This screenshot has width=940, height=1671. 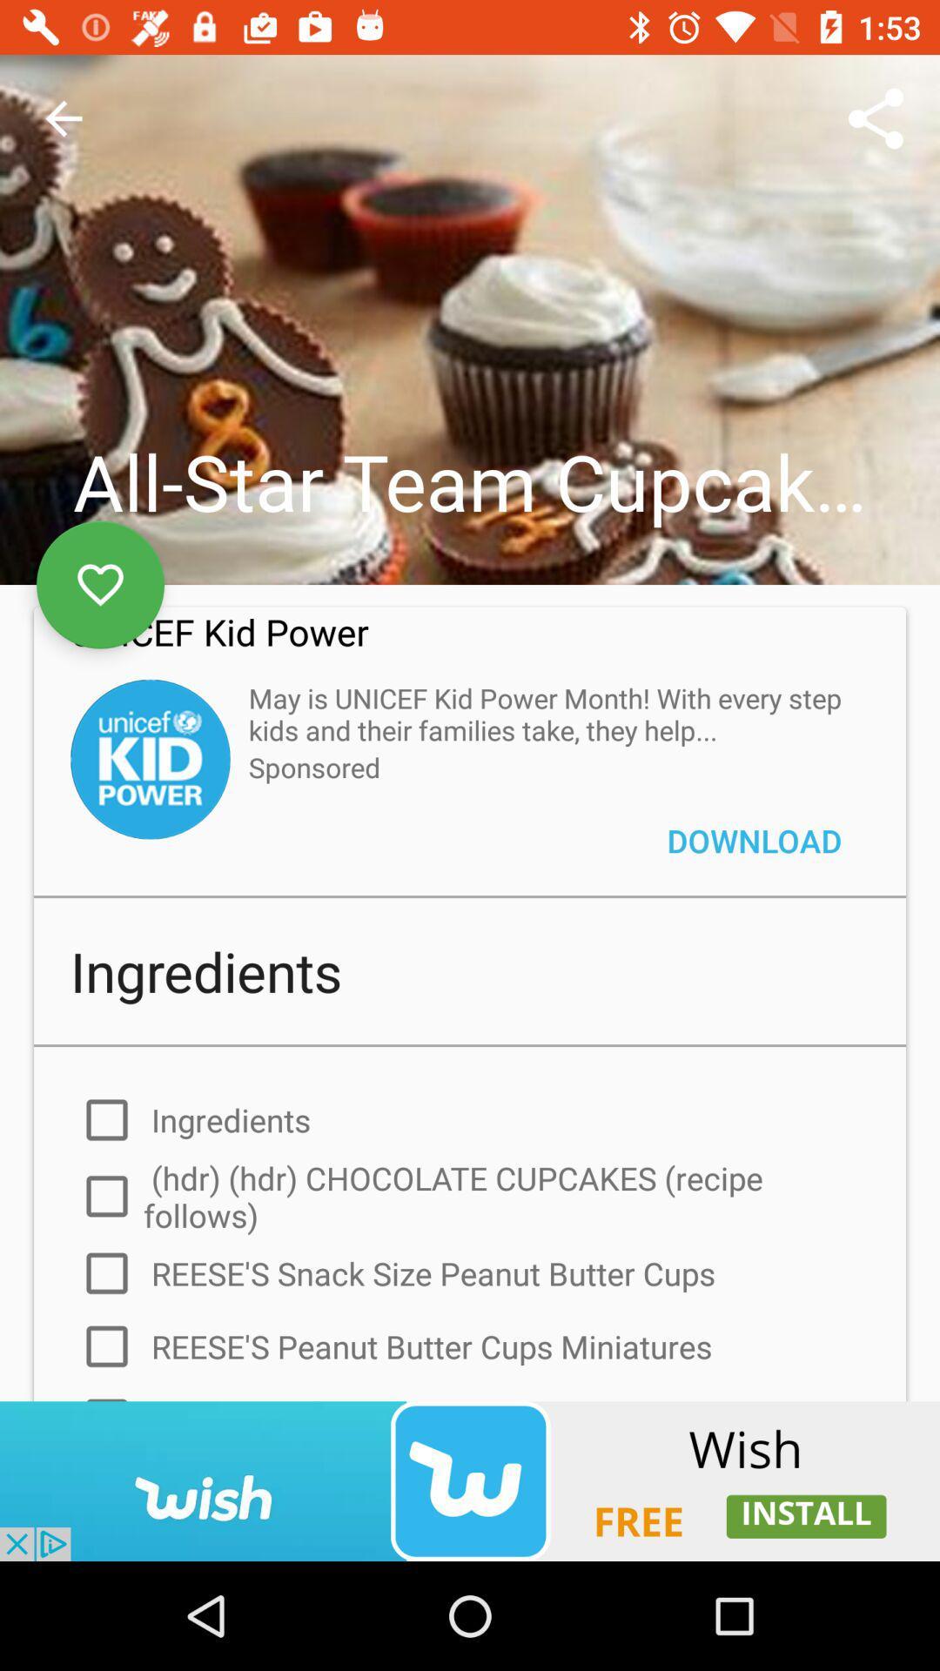 What do you see at coordinates (100, 585) in the screenshot?
I see `save` at bounding box center [100, 585].